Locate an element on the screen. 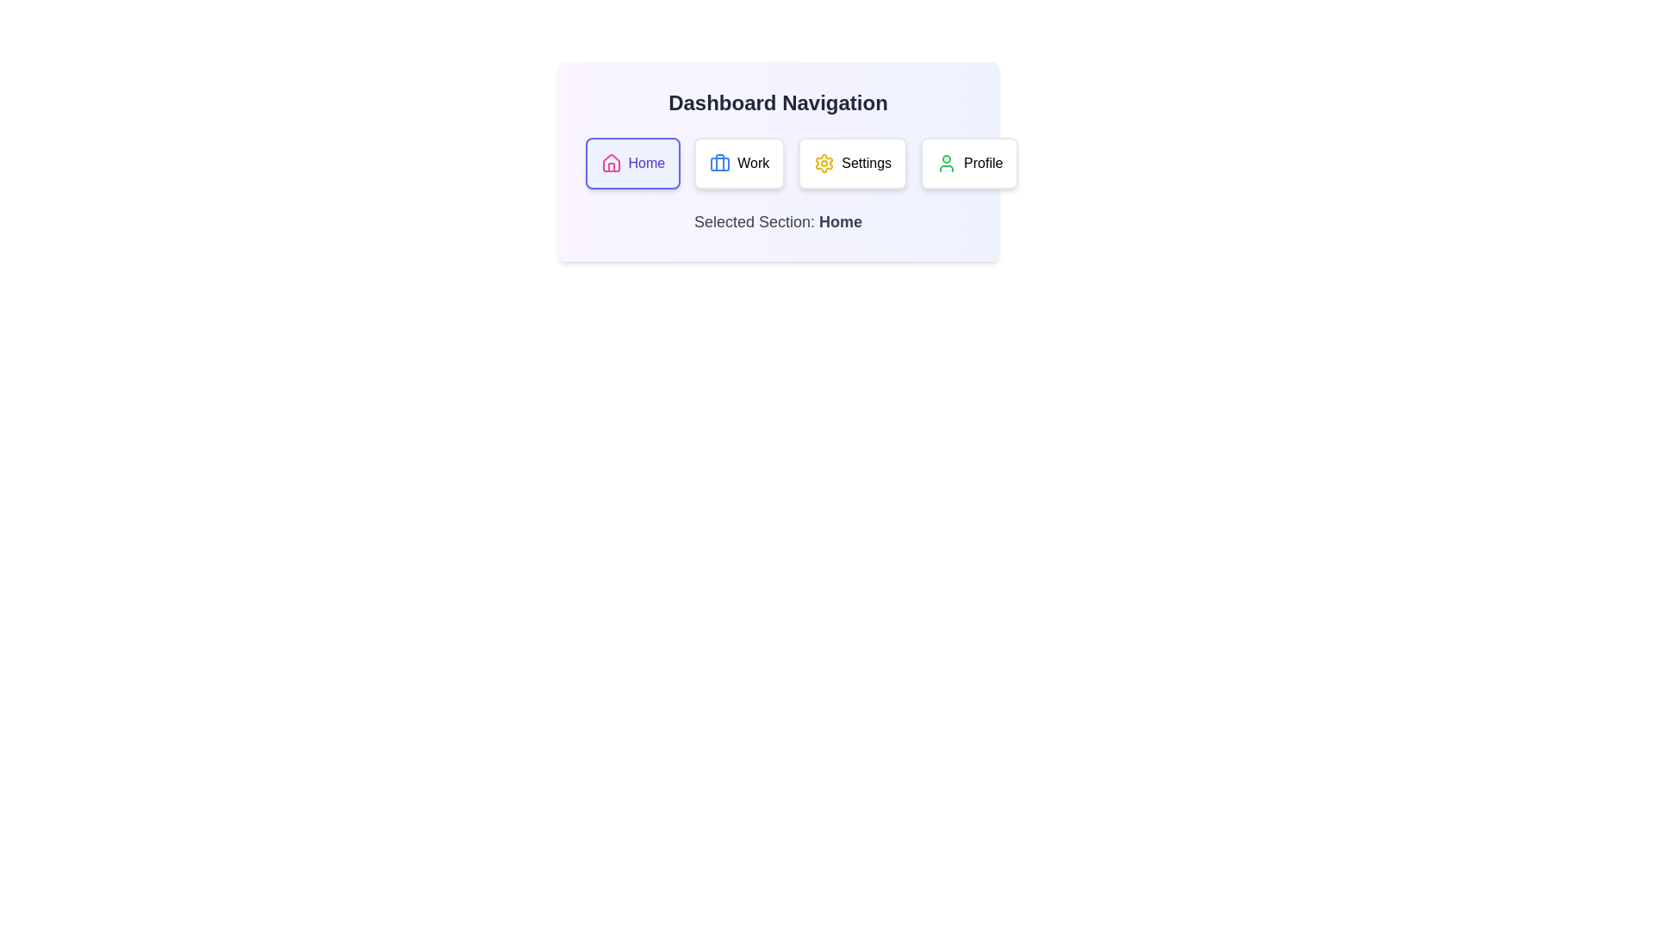 The height and width of the screenshot is (930, 1654). the 'Work' section icon in the navigation menu, which serves as a visual indicator for users to identify the section's purpose is located at coordinates (720, 163).